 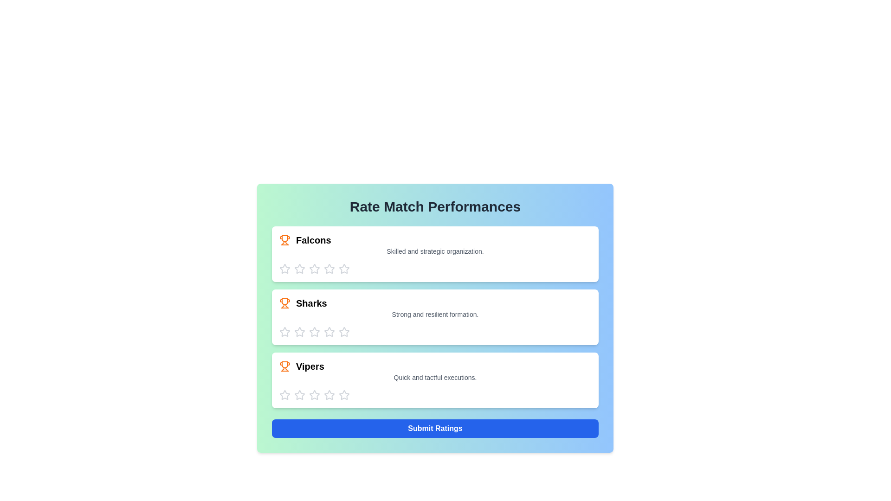 What do you see at coordinates (329, 269) in the screenshot?
I see `the Falcons team's 4 star to set the rating` at bounding box center [329, 269].